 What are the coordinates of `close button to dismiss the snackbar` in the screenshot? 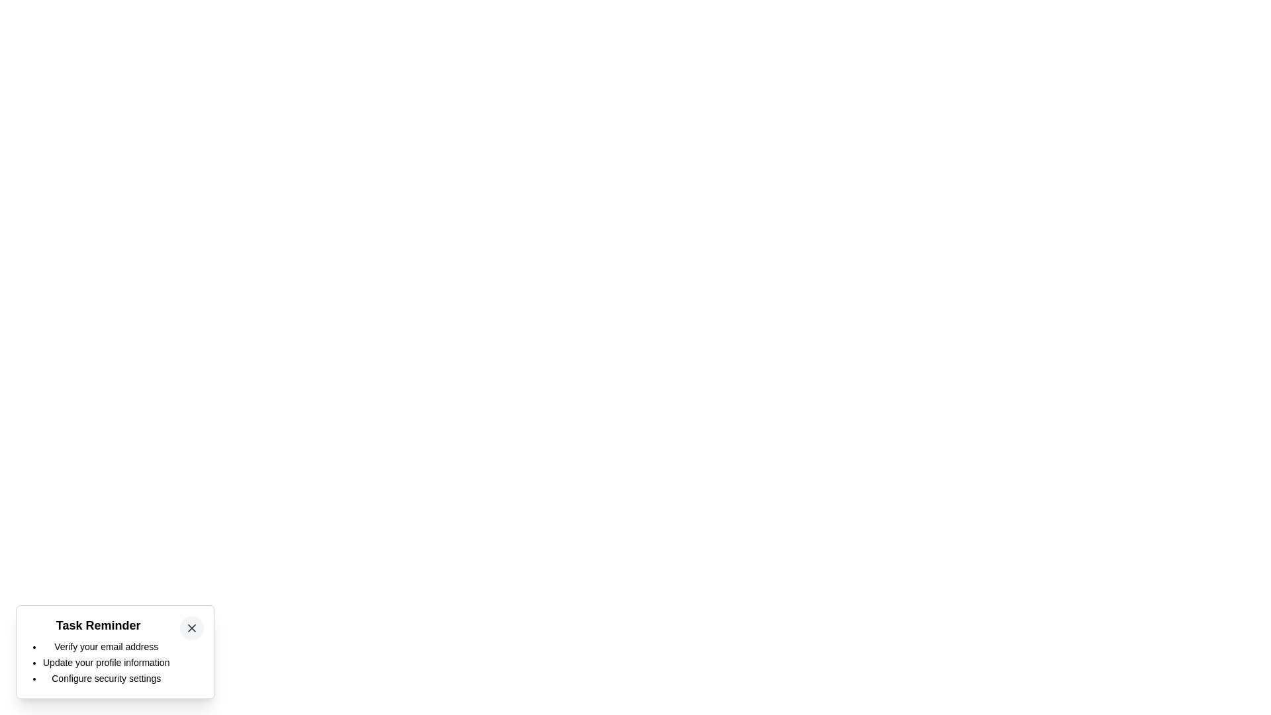 It's located at (191, 627).